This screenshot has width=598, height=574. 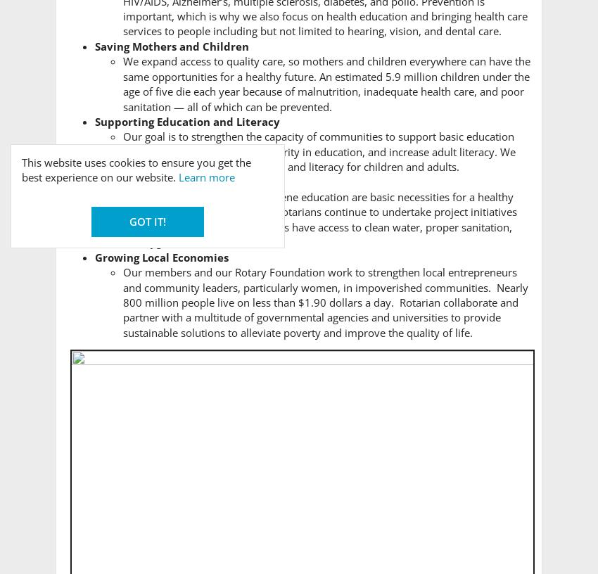 What do you see at coordinates (186, 121) in the screenshot?
I see `'Supporting Education and Literacy'` at bounding box center [186, 121].